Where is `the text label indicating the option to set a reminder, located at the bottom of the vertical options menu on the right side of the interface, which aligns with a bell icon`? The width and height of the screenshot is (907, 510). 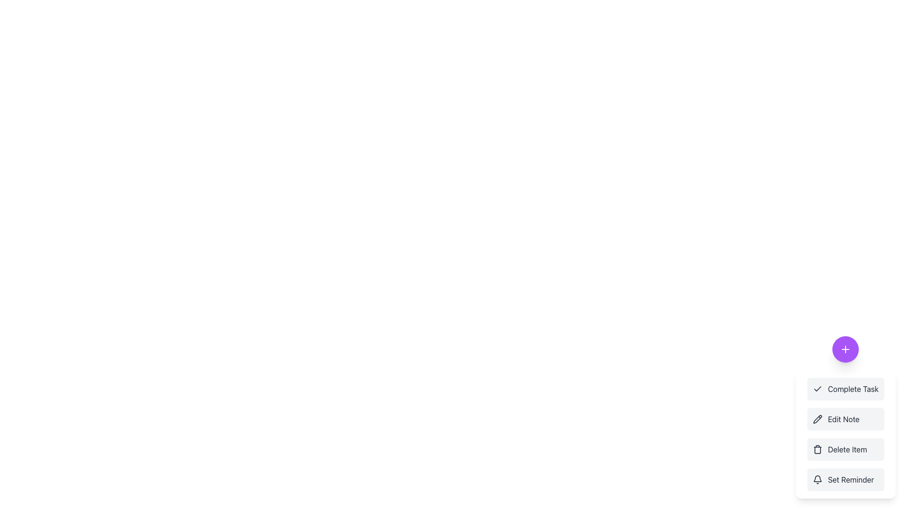 the text label indicating the option to set a reminder, located at the bottom of the vertical options menu on the right side of the interface, which aligns with a bell icon is located at coordinates (851, 479).